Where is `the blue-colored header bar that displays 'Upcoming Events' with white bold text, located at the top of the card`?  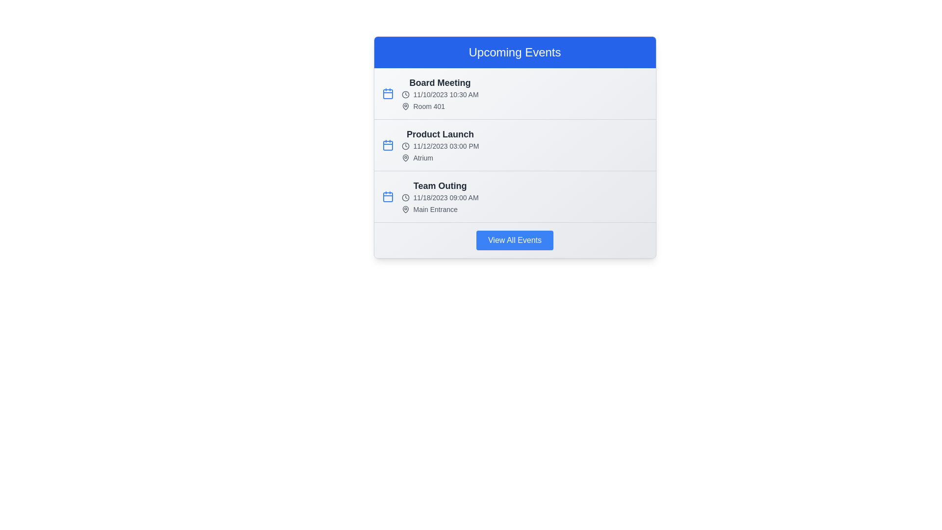
the blue-colored header bar that displays 'Upcoming Events' with white bold text, located at the top of the card is located at coordinates (514, 53).